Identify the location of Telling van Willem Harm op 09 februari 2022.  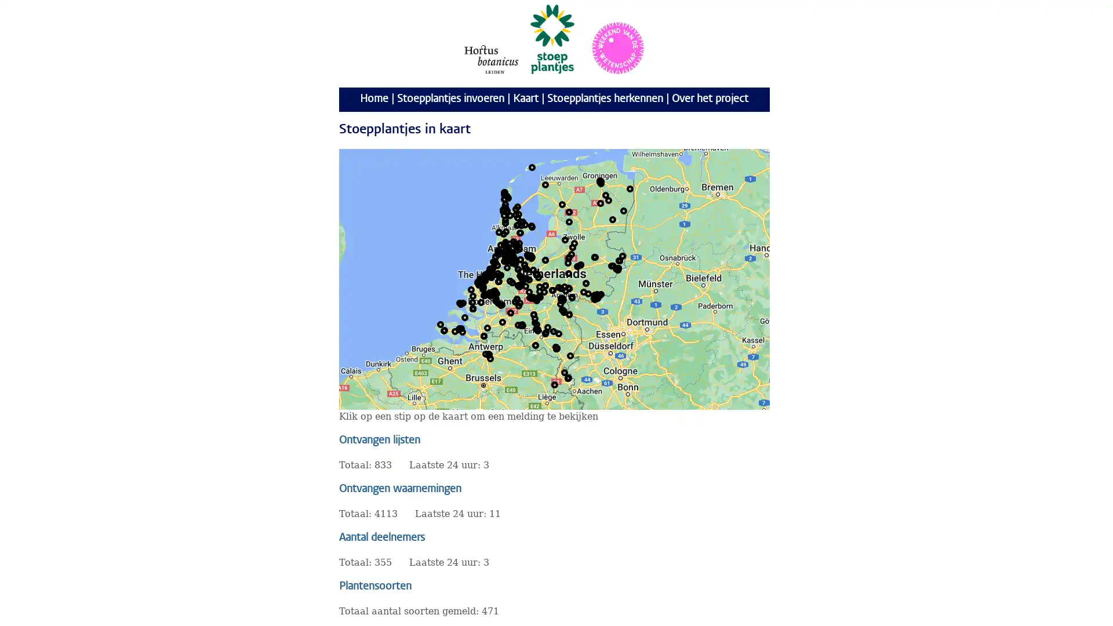
(496, 292).